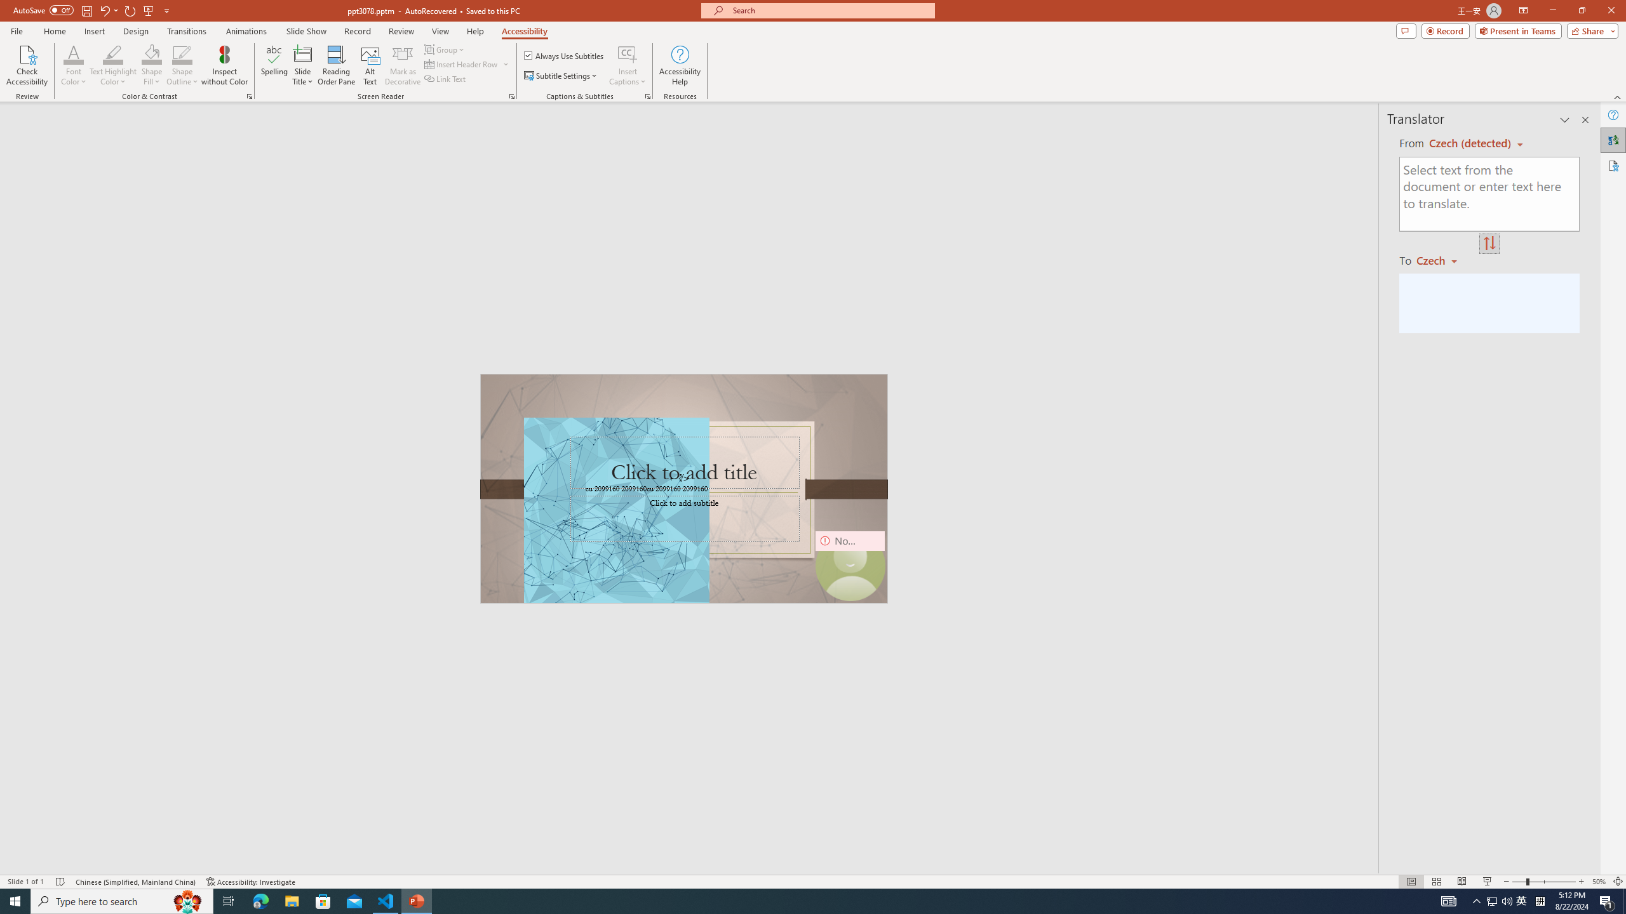 This screenshot has width=1626, height=914. What do you see at coordinates (679, 479) in the screenshot?
I see `'TextBox 7'` at bounding box center [679, 479].